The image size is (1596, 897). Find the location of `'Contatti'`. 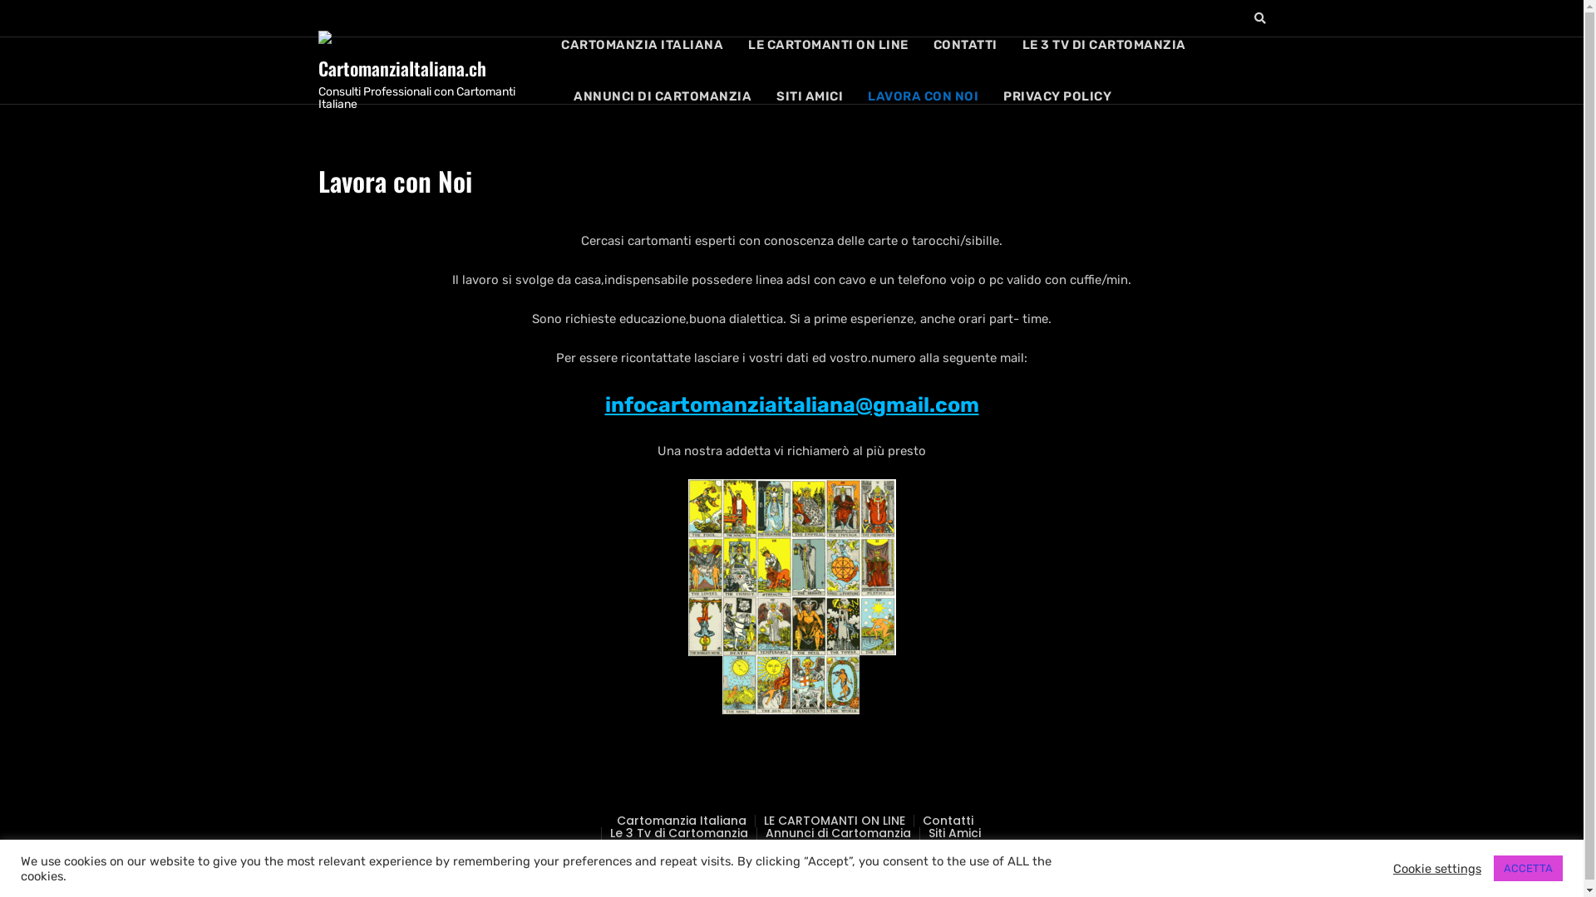

'Contatti' is located at coordinates (948, 819).